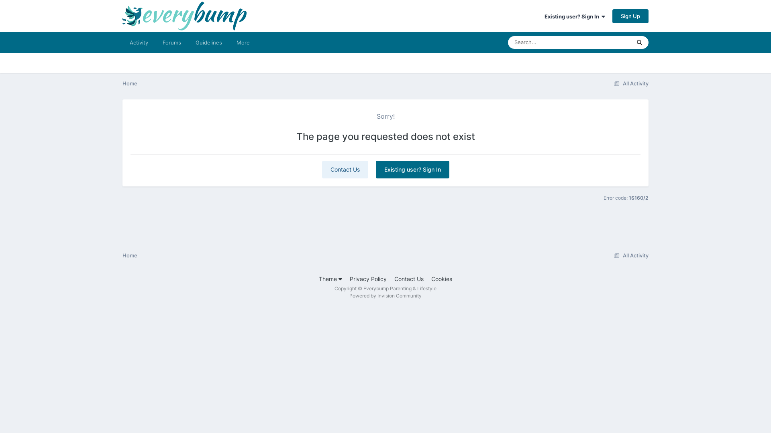  What do you see at coordinates (139, 42) in the screenshot?
I see `'Activity'` at bounding box center [139, 42].